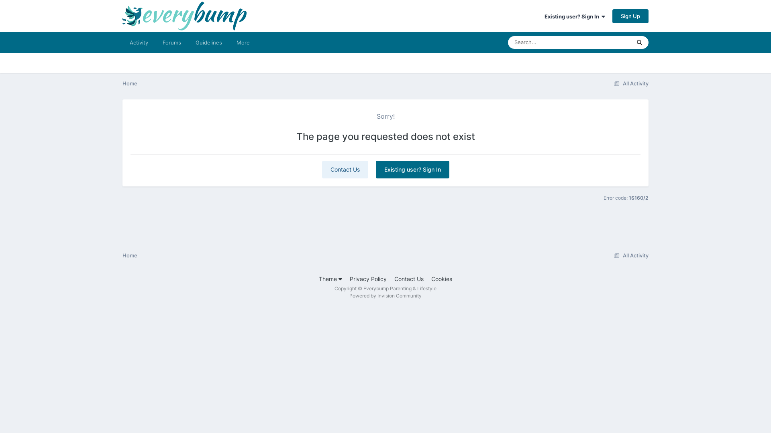  What do you see at coordinates (139, 42) in the screenshot?
I see `'Activity'` at bounding box center [139, 42].